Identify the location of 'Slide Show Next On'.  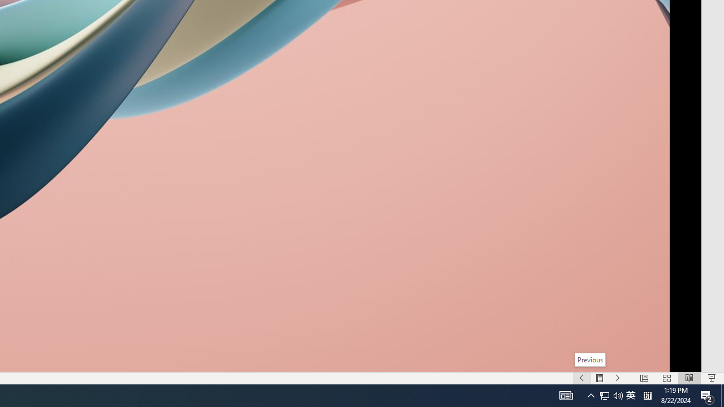
(617, 378).